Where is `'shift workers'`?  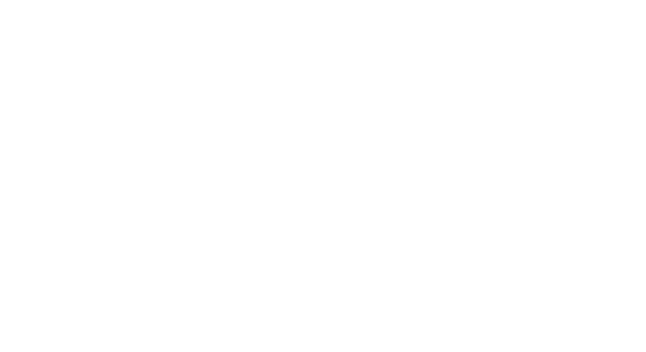 'shift workers' is located at coordinates (201, 97).